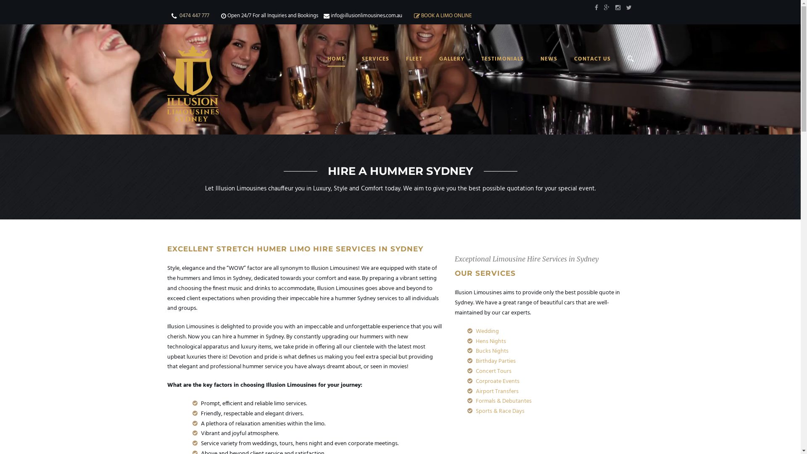 The height and width of the screenshot is (454, 807). I want to click on 'Sports & Race Days', so click(500, 411).